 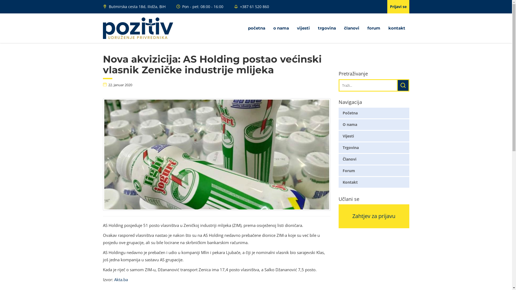 I want to click on 'Prijavi se', so click(x=398, y=6).